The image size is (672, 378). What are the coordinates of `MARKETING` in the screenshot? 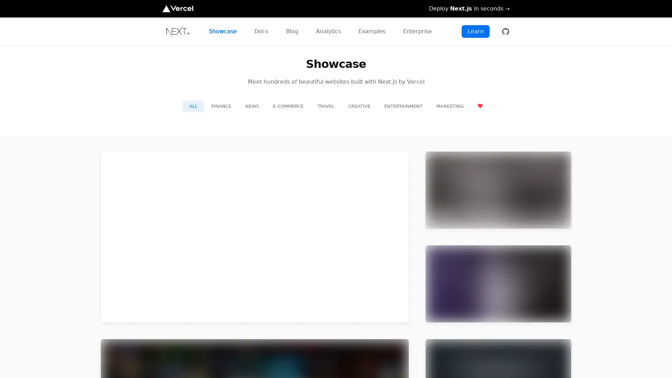 It's located at (450, 106).